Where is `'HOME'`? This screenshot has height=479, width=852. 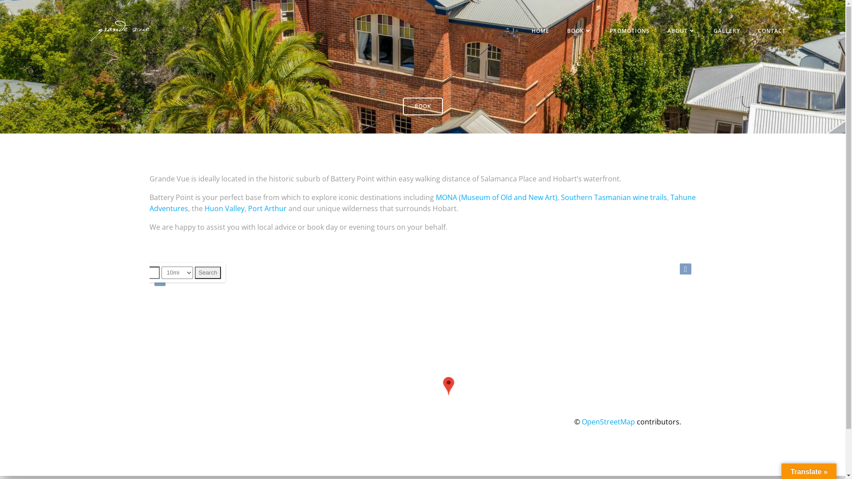 'HOME' is located at coordinates (540, 30).